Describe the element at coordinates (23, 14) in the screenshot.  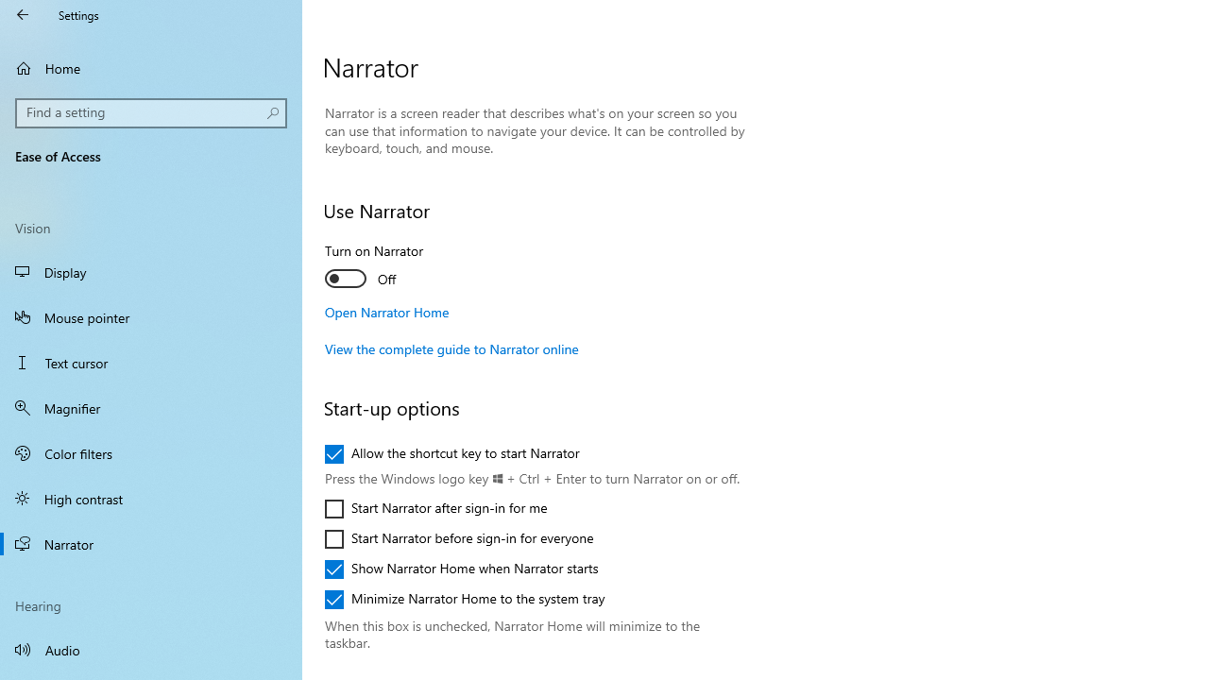
I see `'Back'` at that location.